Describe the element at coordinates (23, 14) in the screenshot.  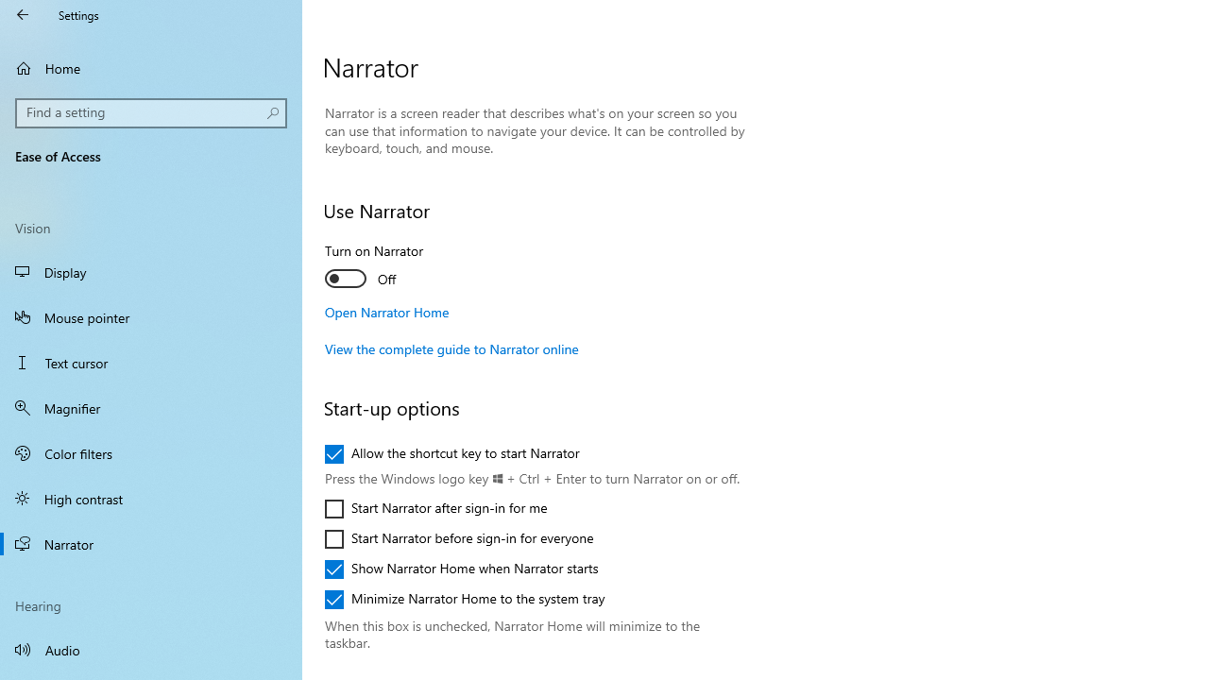
I see `'Back'` at that location.